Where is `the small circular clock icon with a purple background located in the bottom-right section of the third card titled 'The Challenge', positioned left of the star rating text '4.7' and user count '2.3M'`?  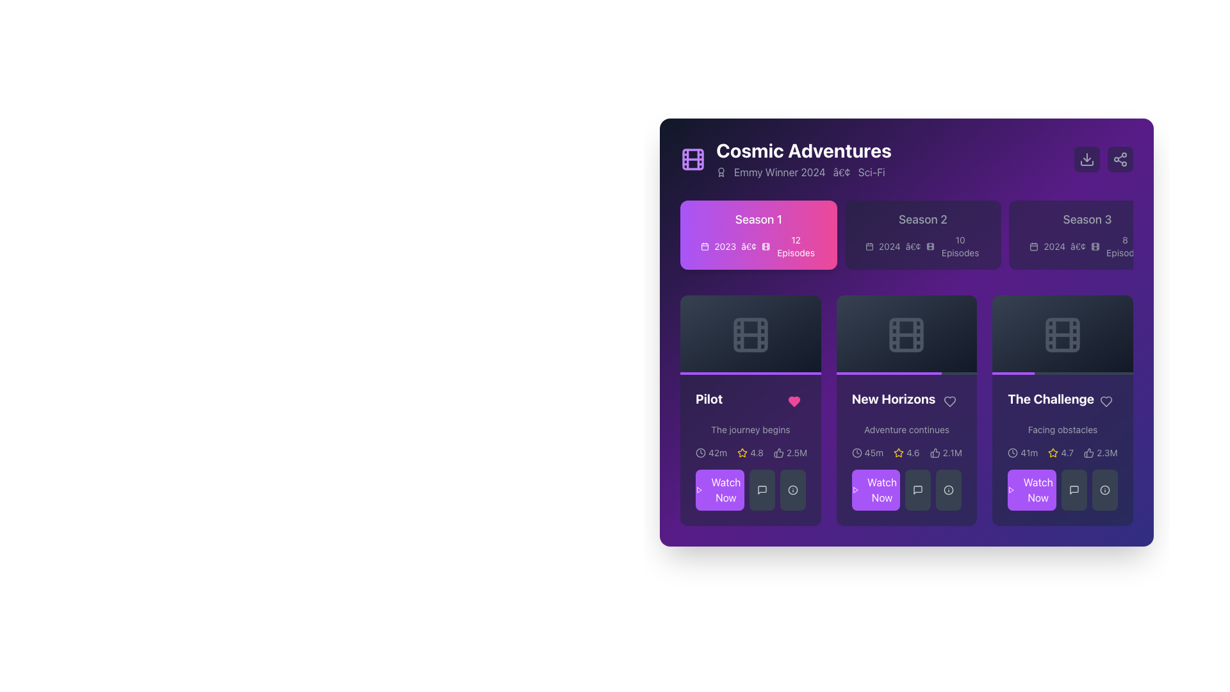
the small circular clock icon with a purple background located in the bottom-right section of the third card titled 'The Challenge', positioned left of the star rating text '4.7' and user count '2.3M' is located at coordinates (1012, 452).